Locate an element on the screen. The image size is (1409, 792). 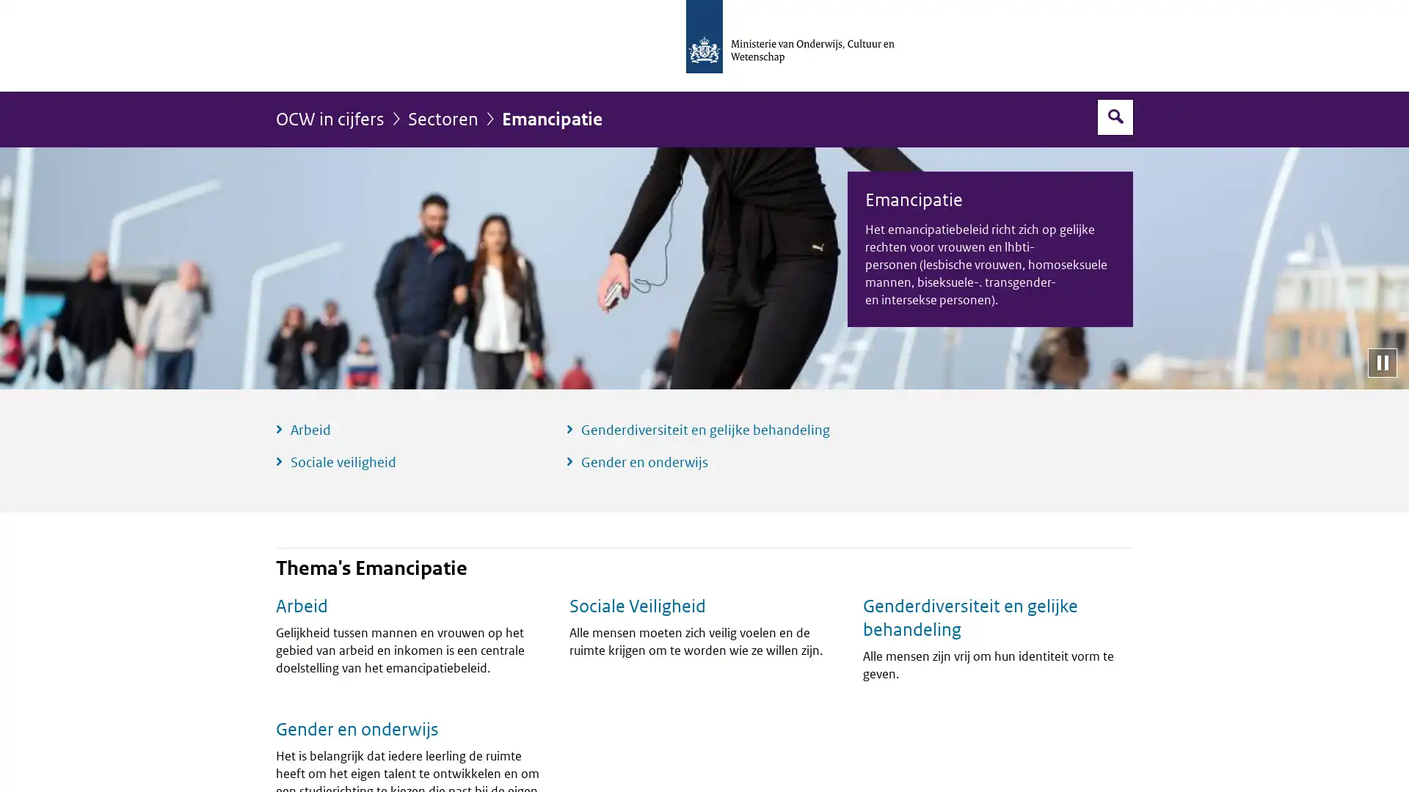
Open zoekveld is located at coordinates (1115, 116).